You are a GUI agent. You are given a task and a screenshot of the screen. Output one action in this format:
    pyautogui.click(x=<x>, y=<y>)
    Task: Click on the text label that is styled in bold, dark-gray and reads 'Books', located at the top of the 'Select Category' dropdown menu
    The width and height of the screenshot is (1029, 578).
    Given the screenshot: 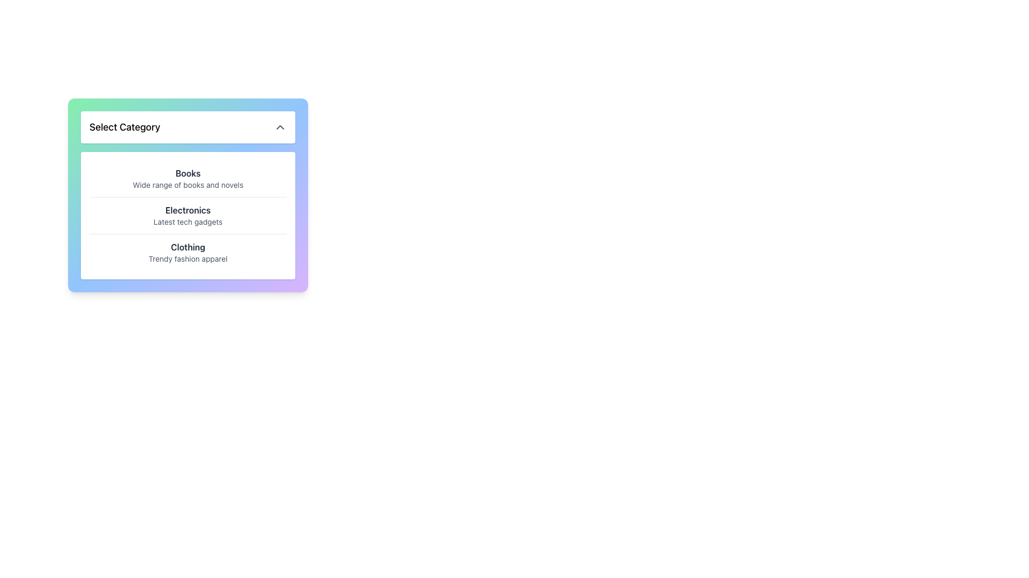 What is the action you would take?
    pyautogui.click(x=188, y=173)
    